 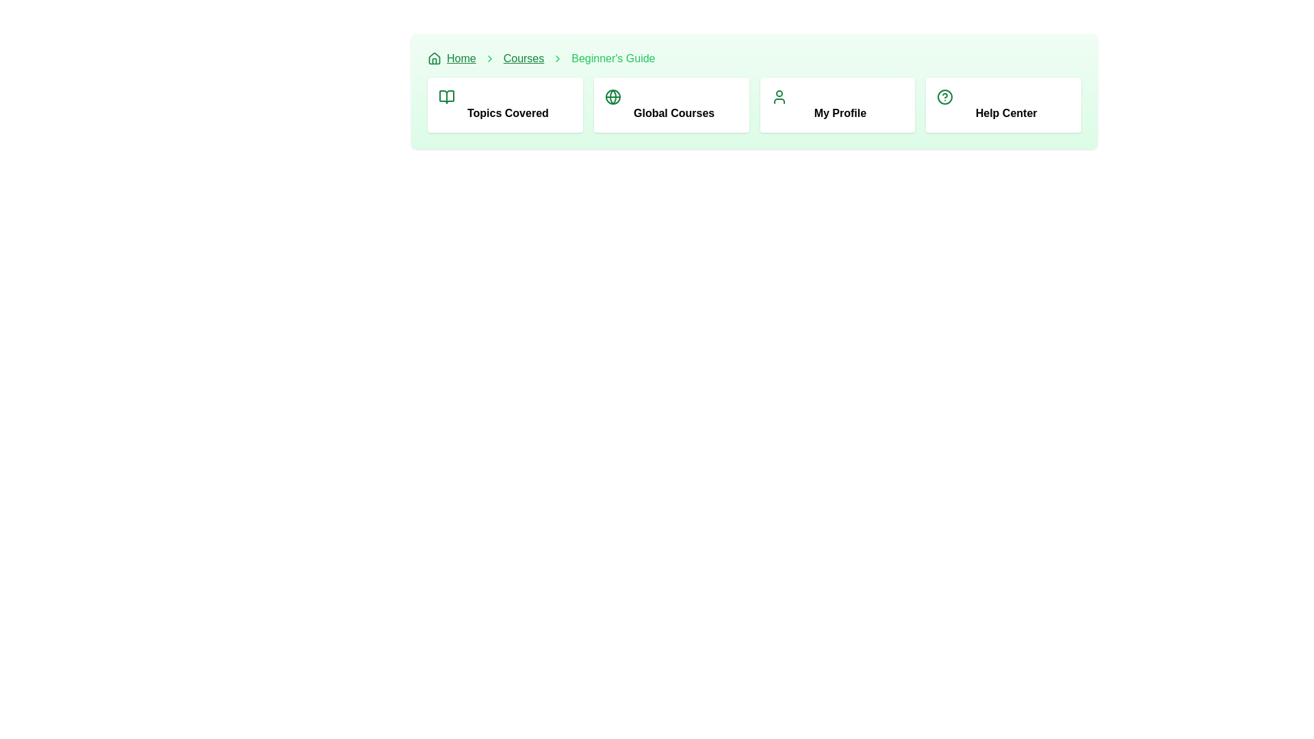 What do you see at coordinates (944, 96) in the screenshot?
I see `the circular SVG graphic element that is part of the Help Center button located in the top-right navigation menu of the interface` at bounding box center [944, 96].